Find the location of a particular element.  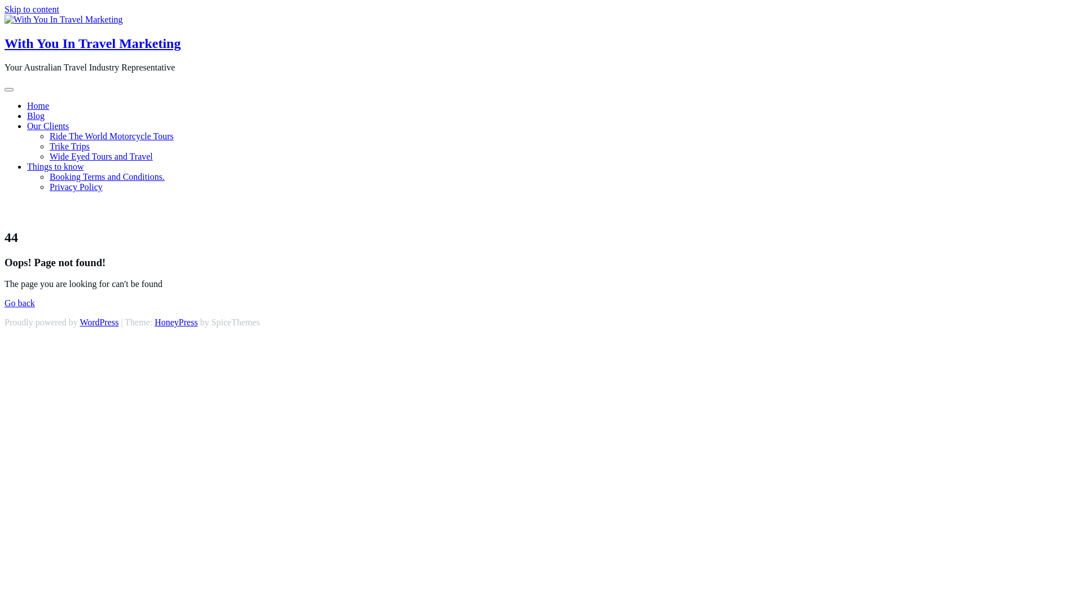

'Privacy Policy' is located at coordinates (75, 186).